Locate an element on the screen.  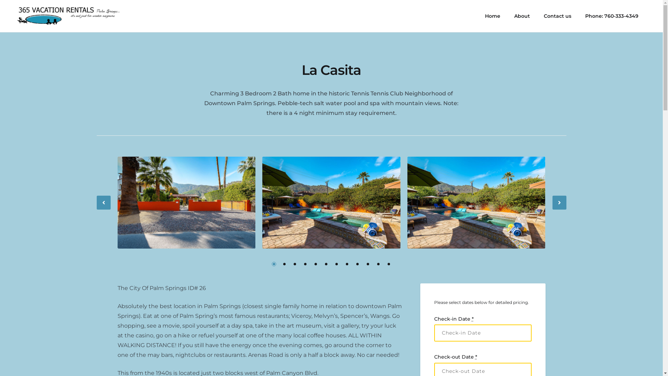
'11' is located at coordinates (378, 264).